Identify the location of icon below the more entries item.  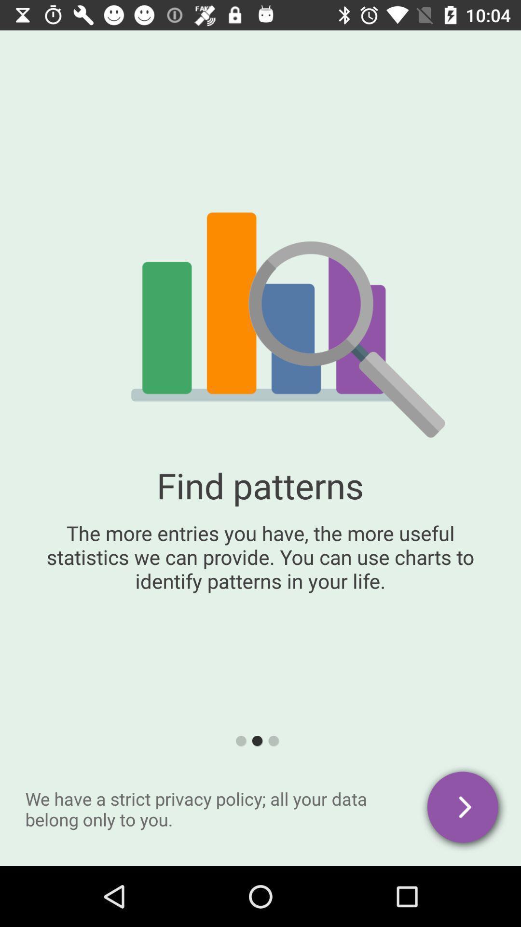
(463, 809).